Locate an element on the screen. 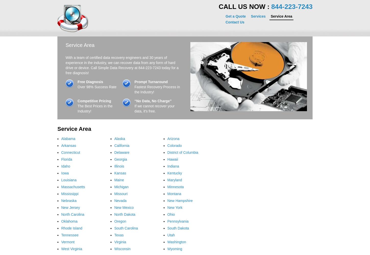 Image resolution: width=370 pixels, height=255 pixels. 'North Carolina' is located at coordinates (73, 214).